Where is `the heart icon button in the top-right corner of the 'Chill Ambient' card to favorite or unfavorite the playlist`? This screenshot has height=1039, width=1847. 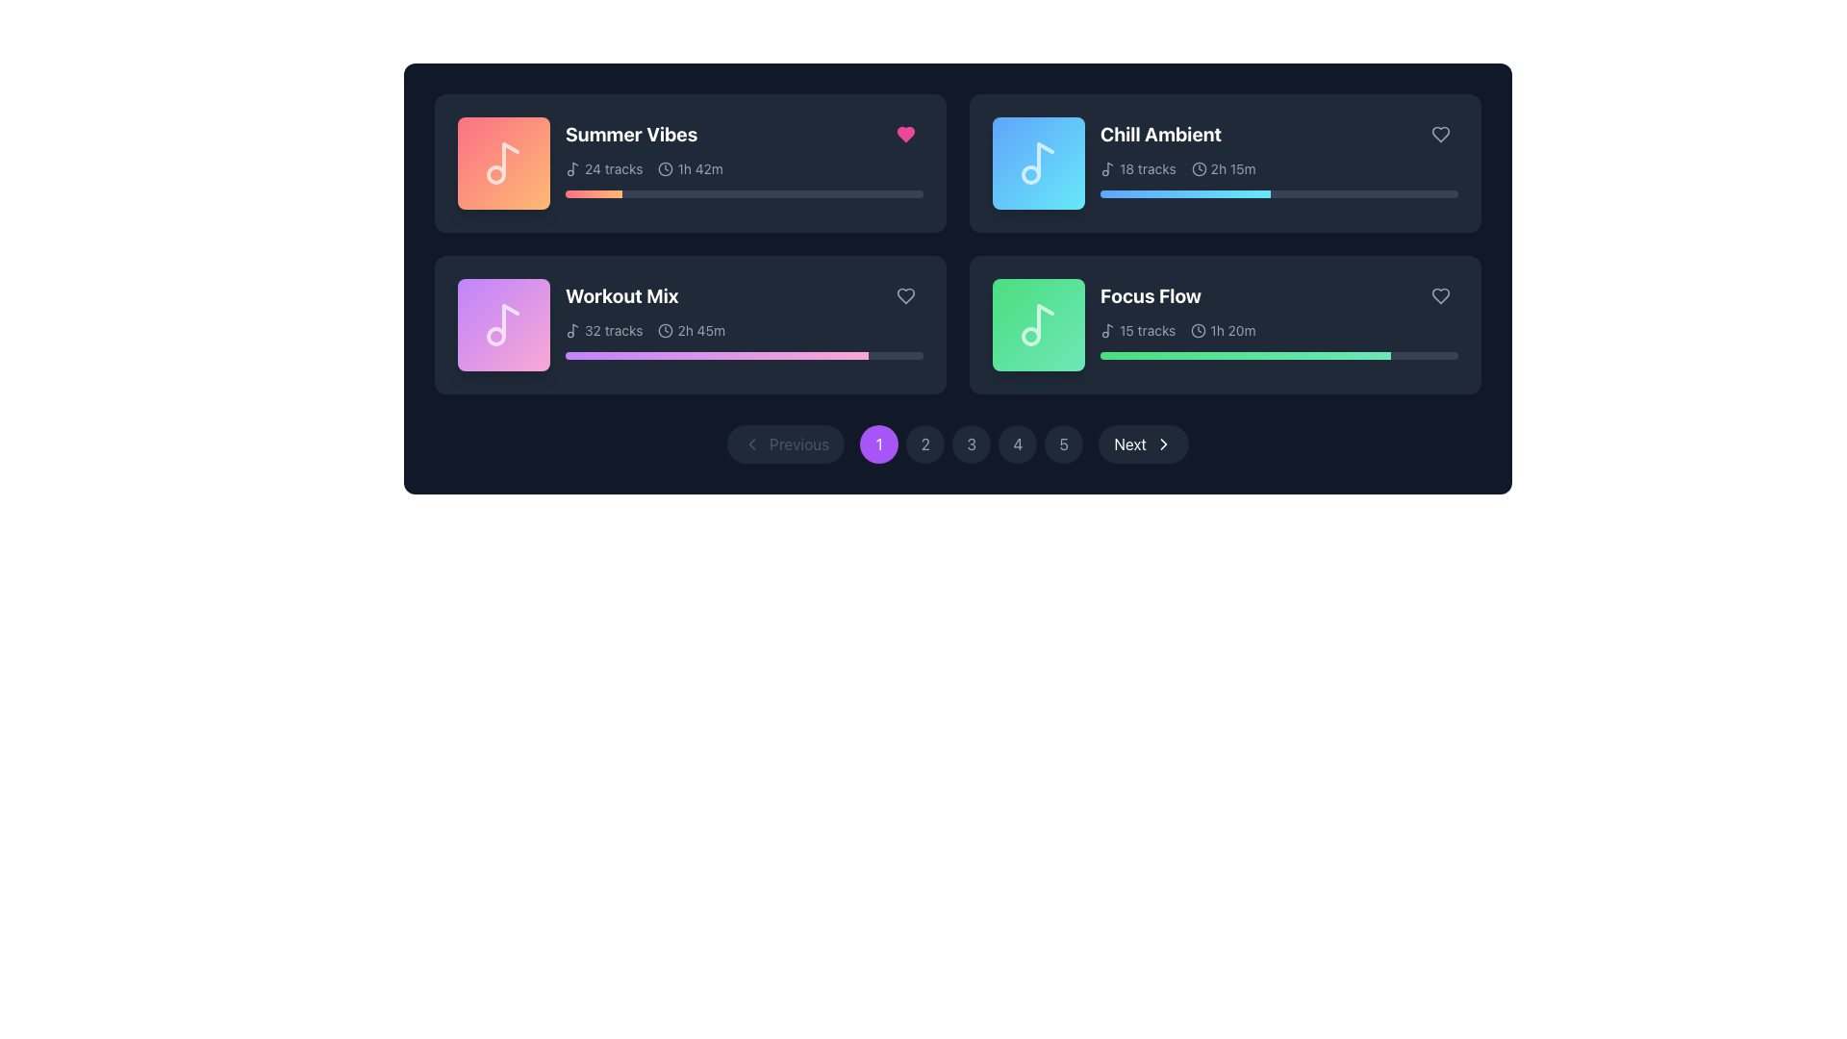 the heart icon button in the top-right corner of the 'Chill Ambient' card to favorite or unfavorite the playlist is located at coordinates (1440, 133).